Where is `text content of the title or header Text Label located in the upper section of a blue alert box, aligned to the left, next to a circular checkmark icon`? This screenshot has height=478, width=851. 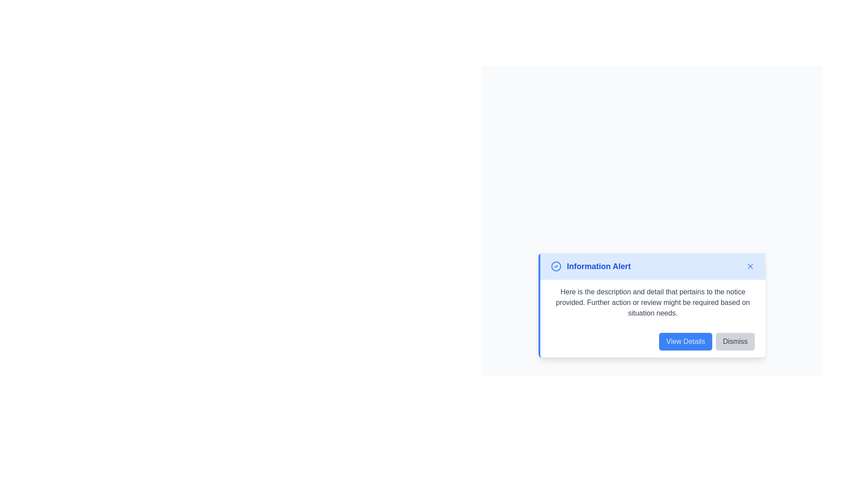
text content of the title or header Text Label located in the upper section of a blue alert box, aligned to the left, next to a circular checkmark icon is located at coordinates (591, 266).